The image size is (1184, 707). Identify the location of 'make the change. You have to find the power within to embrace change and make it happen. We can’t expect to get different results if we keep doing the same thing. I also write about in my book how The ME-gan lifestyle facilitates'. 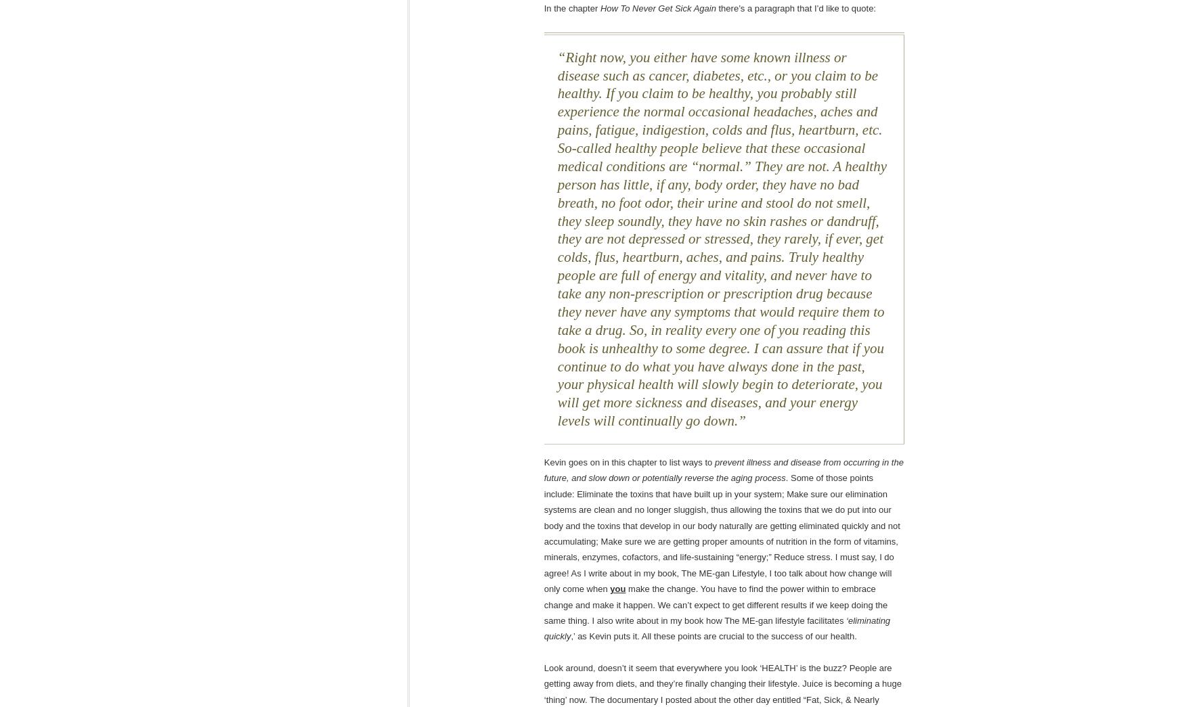
(715, 604).